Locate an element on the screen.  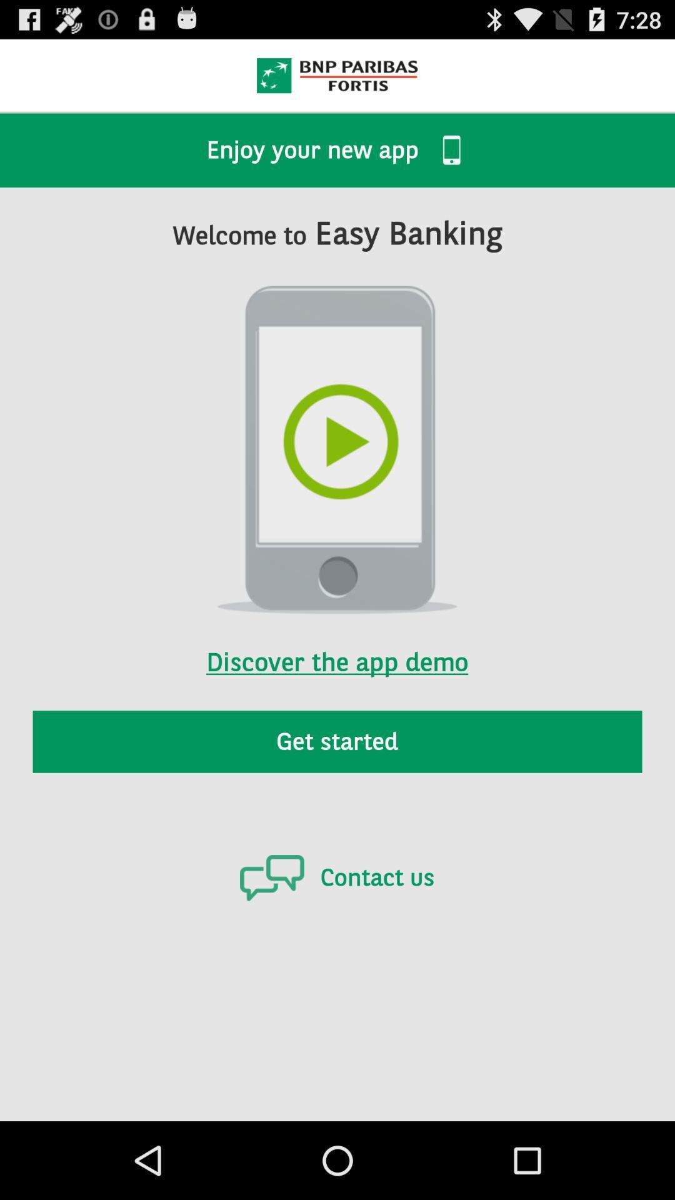
icon above contact us is located at coordinates (337, 741).